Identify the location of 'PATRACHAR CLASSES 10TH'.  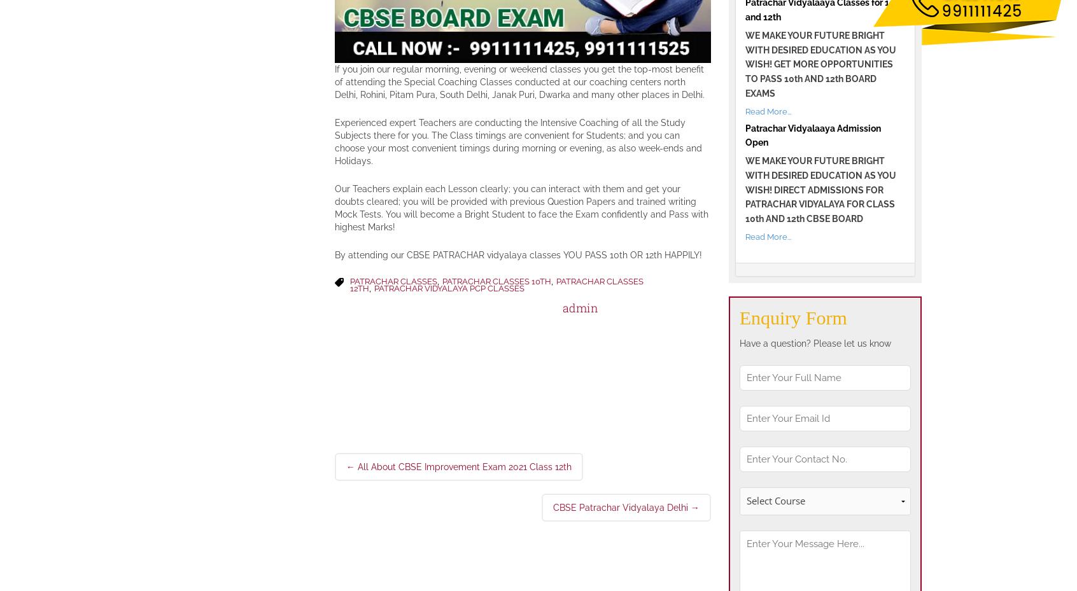
(496, 280).